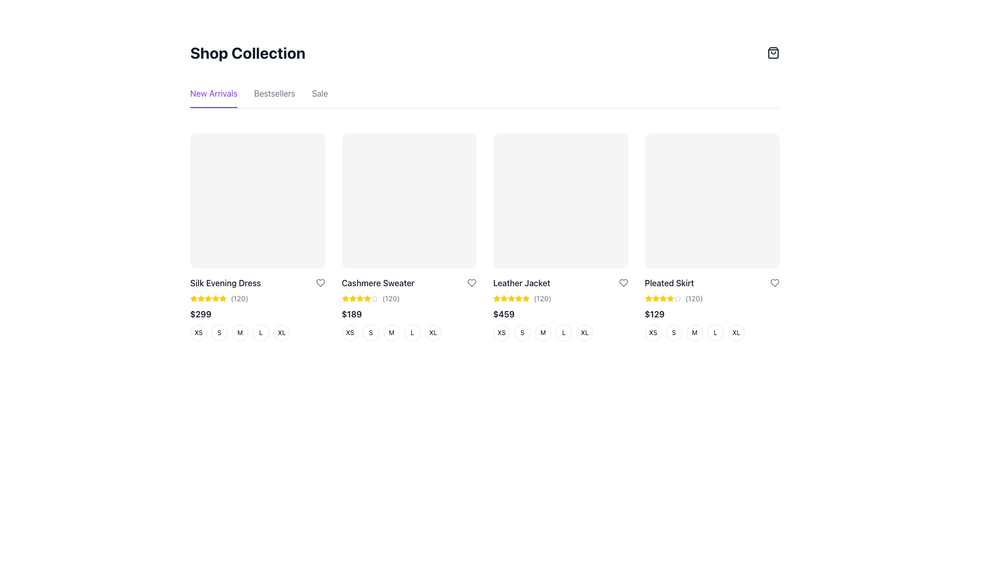 Image resolution: width=998 pixels, height=561 pixels. What do you see at coordinates (351, 313) in the screenshot?
I see `the price label displaying '$189' in bold black text, located in the second column of the 'Shop Collection' section, beneath the 'Cashmere Sweater' product image and star rating` at bounding box center [351, 313].